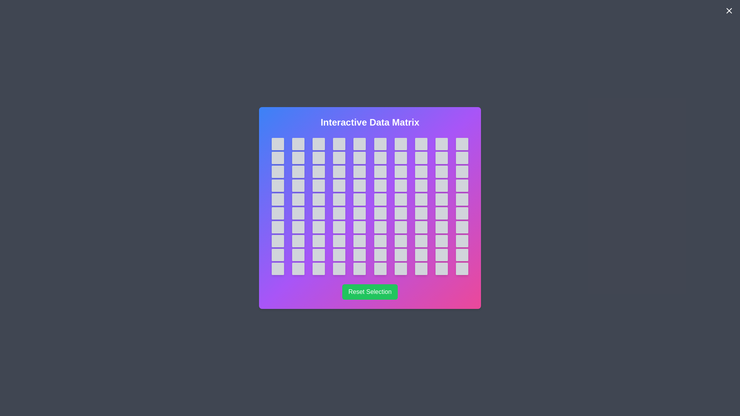  What do you see at coordinates (728, 10) in the screenshot?
I see `the close button to close the dialog` at bounding box center [728, 10].